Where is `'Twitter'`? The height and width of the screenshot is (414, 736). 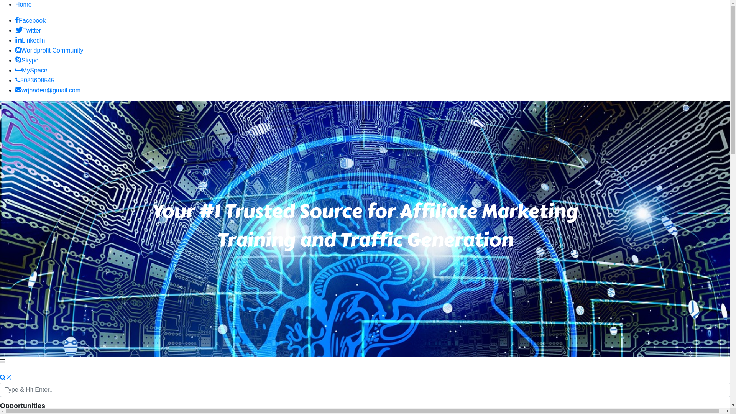
'Twitter' is located at coordinates (28, 30).